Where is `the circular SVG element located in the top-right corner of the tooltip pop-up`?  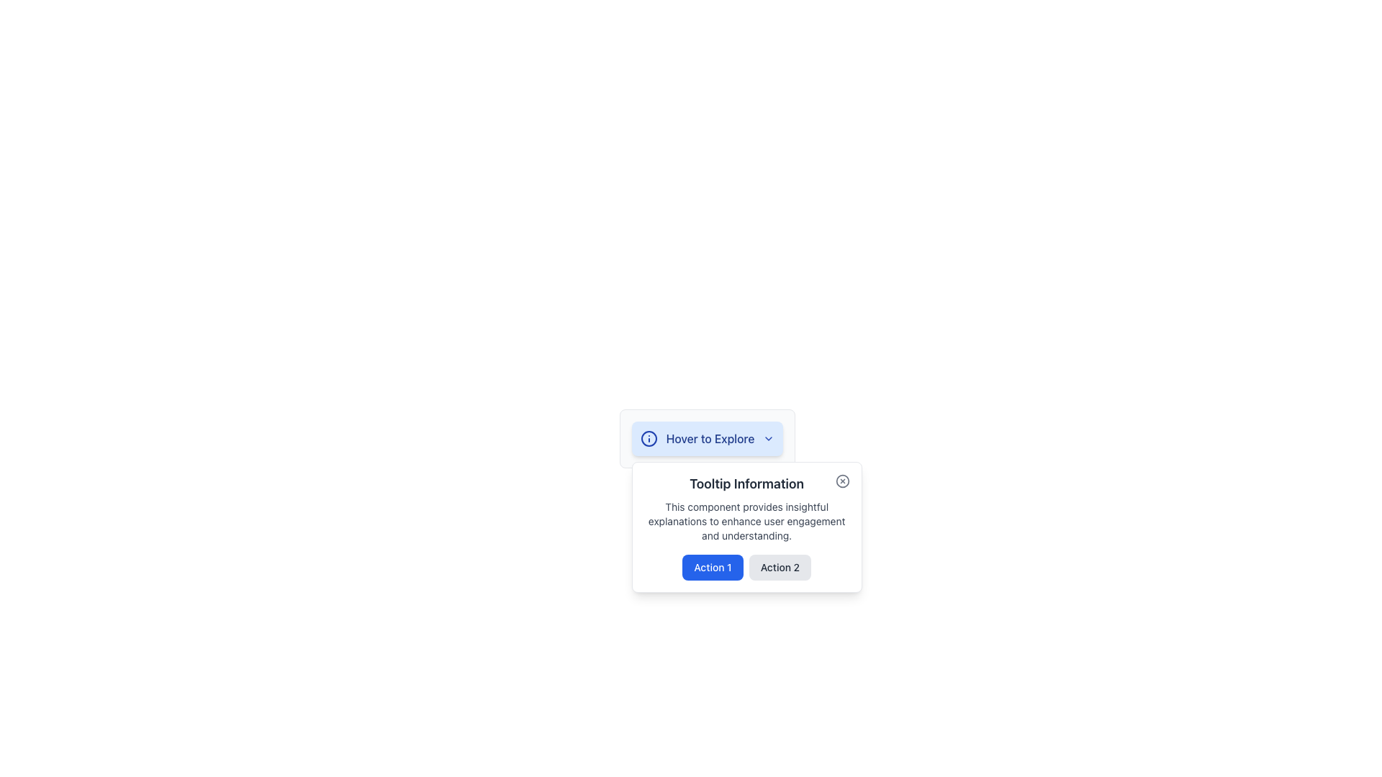
the circular SVG element located in the top-right corner of the tooltip pop-up is located at coordinates (842, 481).